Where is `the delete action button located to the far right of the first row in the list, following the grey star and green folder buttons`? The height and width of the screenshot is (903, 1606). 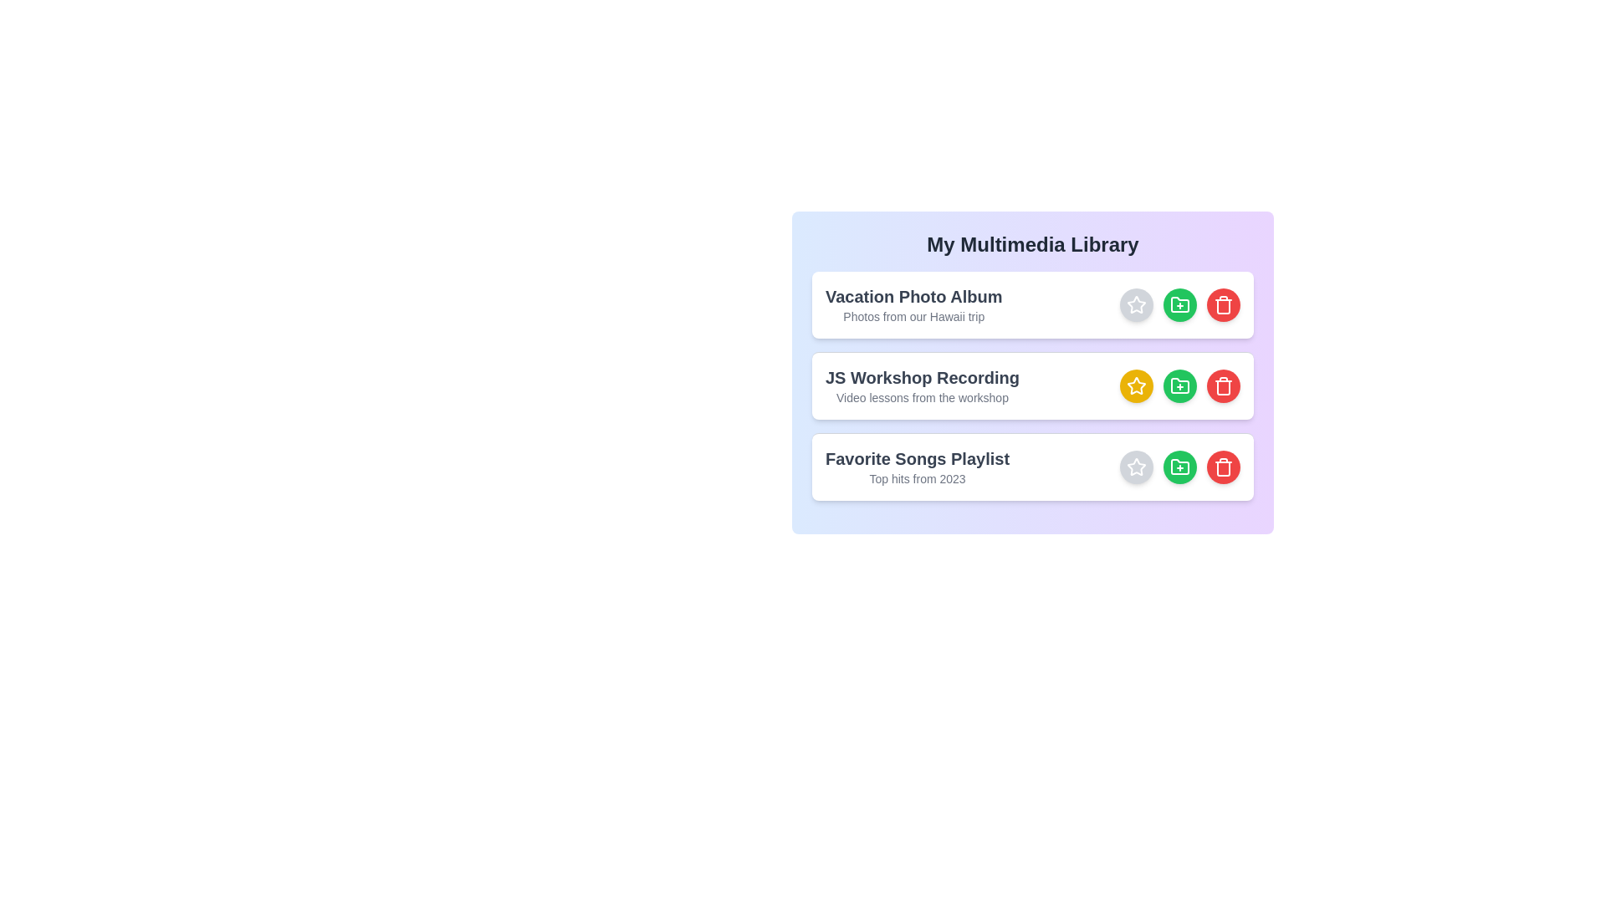
the delete action button located to the far right of the first row in the list, following the grey star and green folder buttons is located at coordinates (1224, 305).